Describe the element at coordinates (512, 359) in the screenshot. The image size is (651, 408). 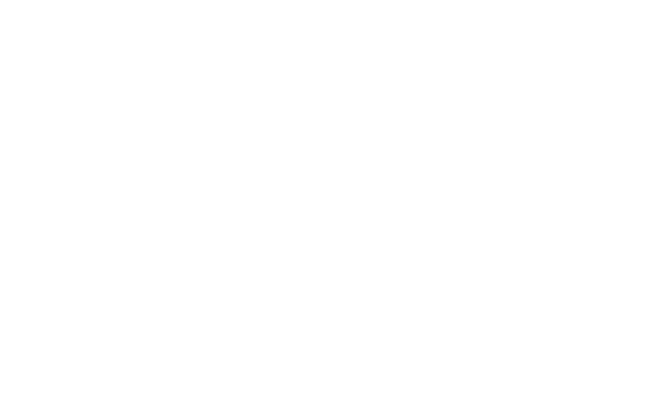
I see `'1xbet Russian'` at that location.